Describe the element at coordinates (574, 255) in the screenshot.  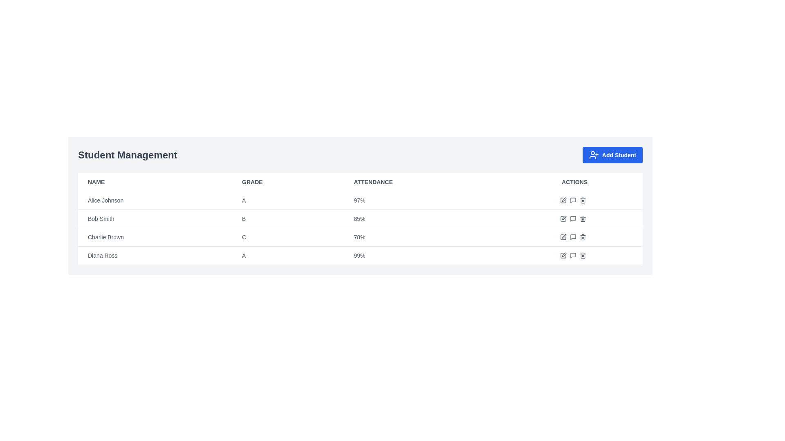
I see `the middle action icon` at that location.